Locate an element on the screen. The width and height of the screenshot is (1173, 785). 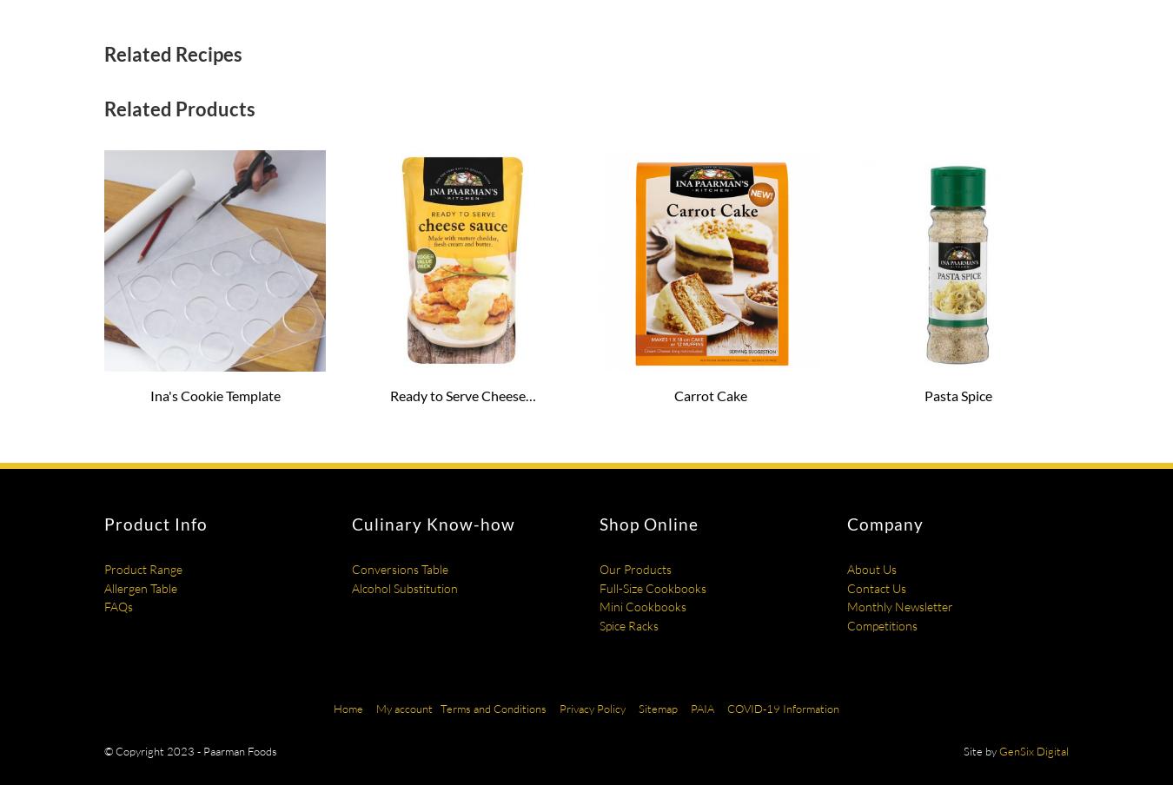
'My account' is located at coordinates (403, 706).